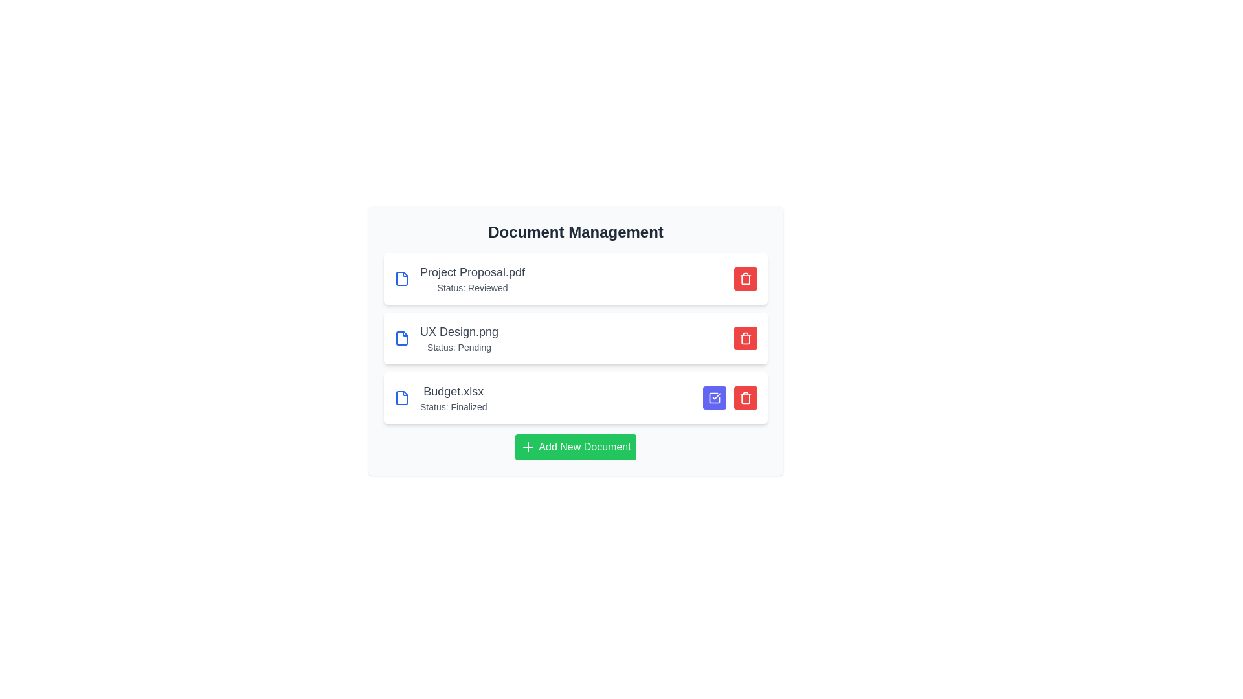  What do you see at coordinates (746, 338) in the screenshot?
I see `delete button for the document named UX Design.png` at bounding box center [746, 338].